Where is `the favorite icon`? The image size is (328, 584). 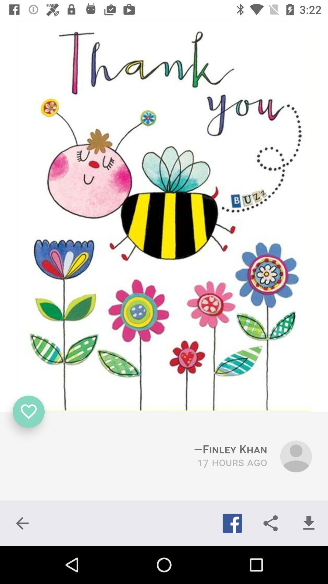
the favorite icon is located at coordinates (29, 412).